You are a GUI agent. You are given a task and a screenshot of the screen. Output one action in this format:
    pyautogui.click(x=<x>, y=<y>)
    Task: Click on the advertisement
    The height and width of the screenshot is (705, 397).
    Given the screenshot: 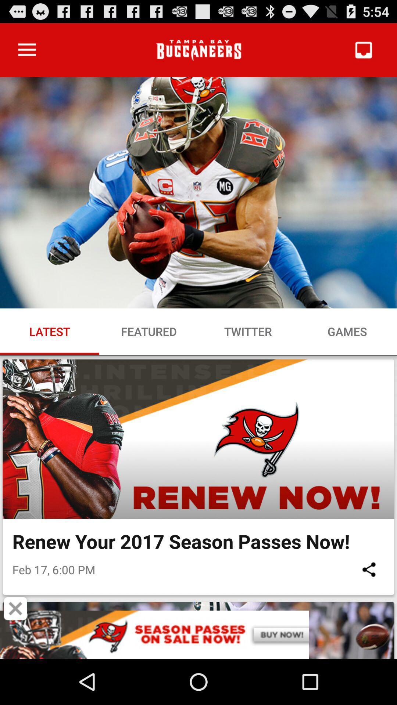 What is the action you would take?
    pyautogui.click(x=15, y=608)
    